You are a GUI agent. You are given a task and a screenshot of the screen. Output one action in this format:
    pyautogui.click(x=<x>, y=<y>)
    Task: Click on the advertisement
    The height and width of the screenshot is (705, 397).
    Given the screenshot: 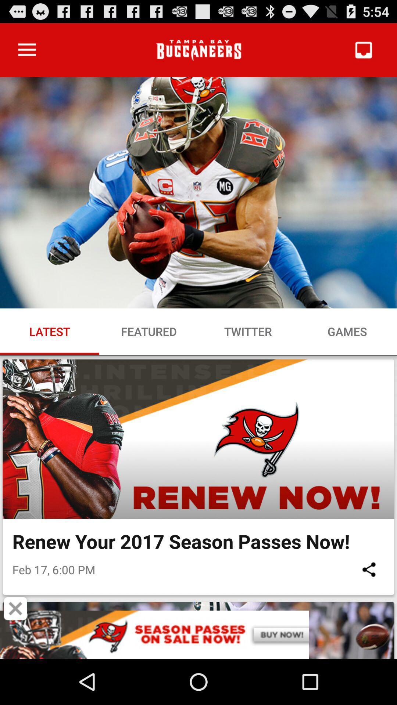 What is the action you would take?
    pyautogui.click(x=15, y=608)
    